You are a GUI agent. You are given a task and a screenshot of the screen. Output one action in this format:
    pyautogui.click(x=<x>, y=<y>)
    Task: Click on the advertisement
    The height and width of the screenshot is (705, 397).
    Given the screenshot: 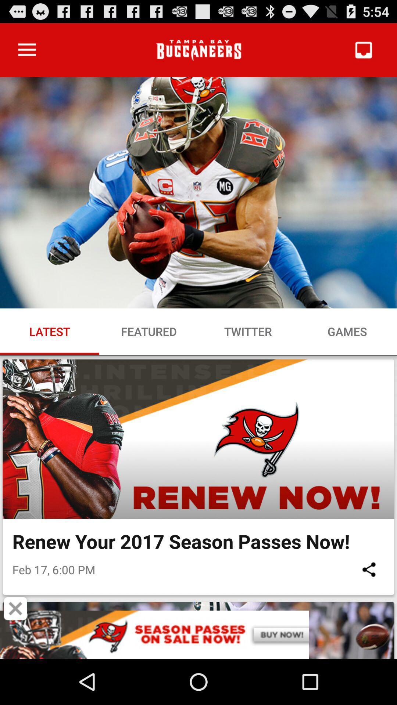 What is the action you would take?
    pyautogui.click(x=15, y=608)
    